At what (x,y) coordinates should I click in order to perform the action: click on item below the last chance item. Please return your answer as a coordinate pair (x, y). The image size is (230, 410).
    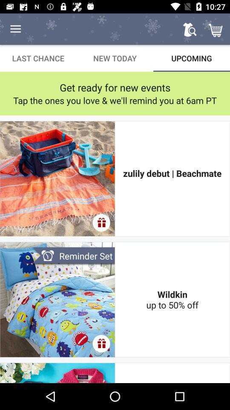
    Looking at the image, I should click on (115, 87).